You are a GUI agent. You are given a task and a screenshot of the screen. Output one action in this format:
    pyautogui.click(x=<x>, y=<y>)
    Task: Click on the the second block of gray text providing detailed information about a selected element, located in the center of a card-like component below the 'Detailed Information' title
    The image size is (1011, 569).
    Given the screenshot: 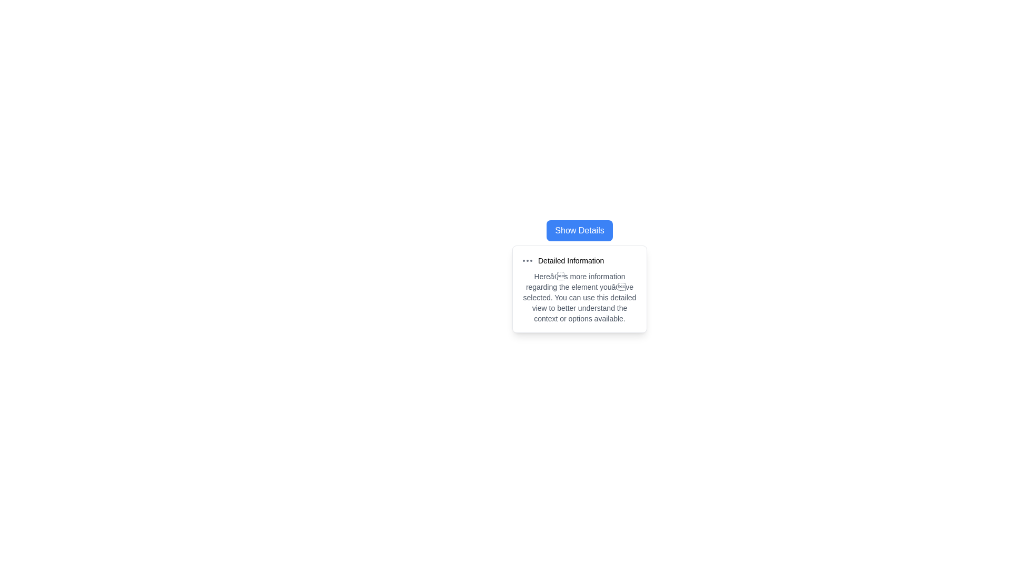 What is the action you would take?
    pyautogui.click(x=579, y=297)
    